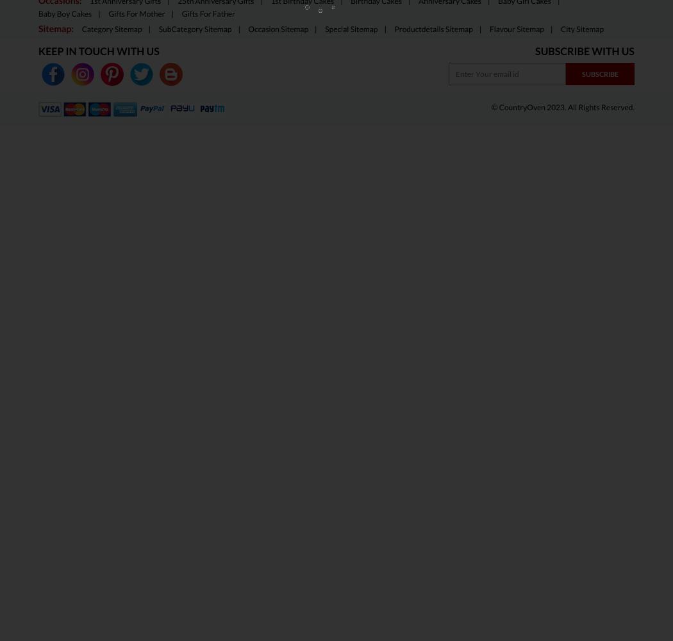 The width and height of the screenshot is (673, 641). Describe the element at coordinates (585, 50) in the screenshot. I see `'Subscribe With us'` at that location.